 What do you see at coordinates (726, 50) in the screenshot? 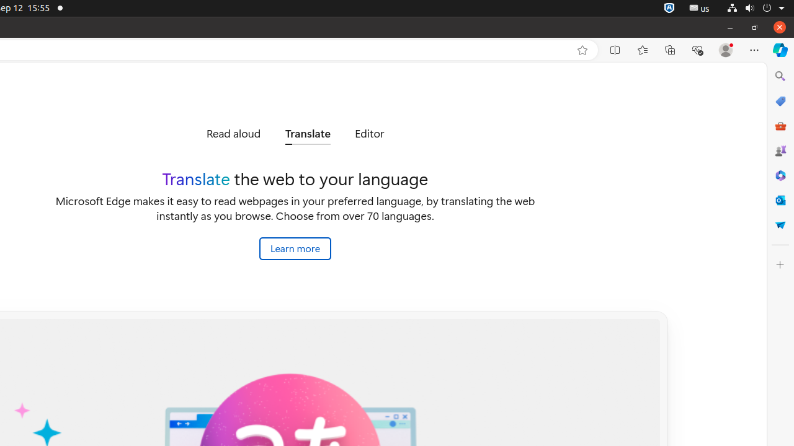
I see `'Profile 1 Profile, Please sign in'` at bounding box center [726, 50].